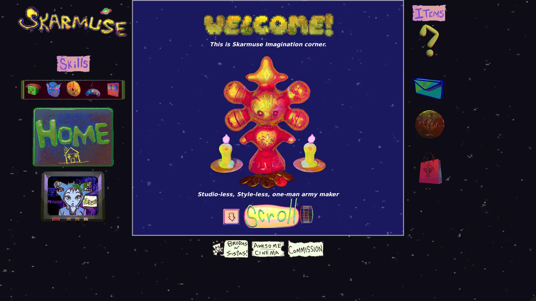 Image resolution: width=536 pixels, height=301 pixels. What do you see at coordinates (267, 258) in the screenshot?
I see `Give choco coin` at bounding box center [267, 258].